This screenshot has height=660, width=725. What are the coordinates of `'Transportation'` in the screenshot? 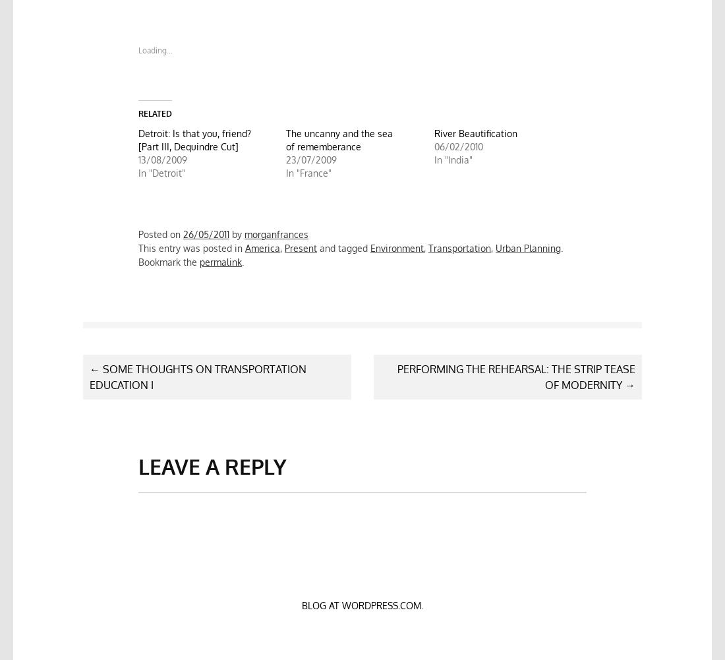 It's located at (459, 247).